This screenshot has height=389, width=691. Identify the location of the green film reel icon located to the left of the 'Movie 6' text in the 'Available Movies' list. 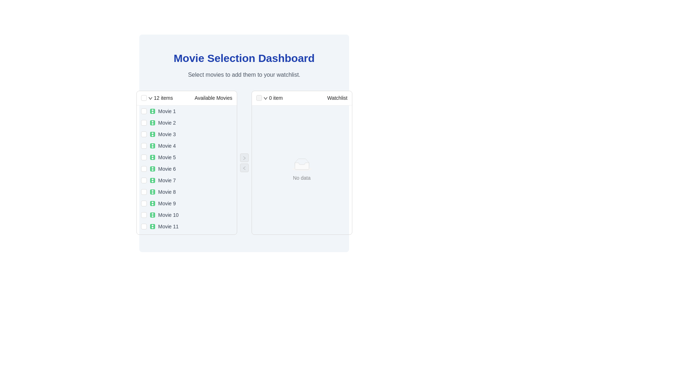
(152, 169).